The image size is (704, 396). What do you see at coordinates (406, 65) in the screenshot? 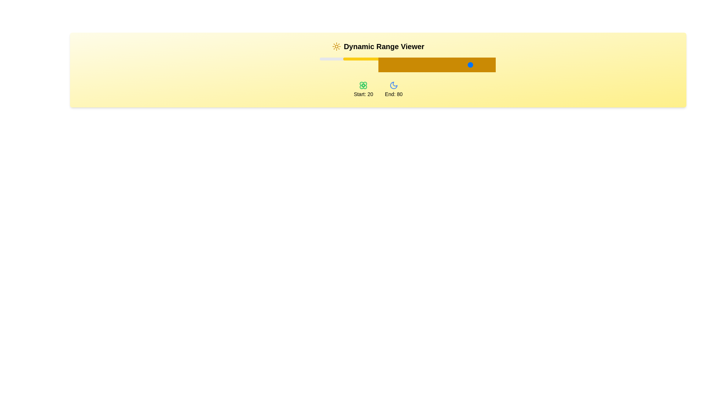
I see `the slider value` at bounding box center [406, 65].